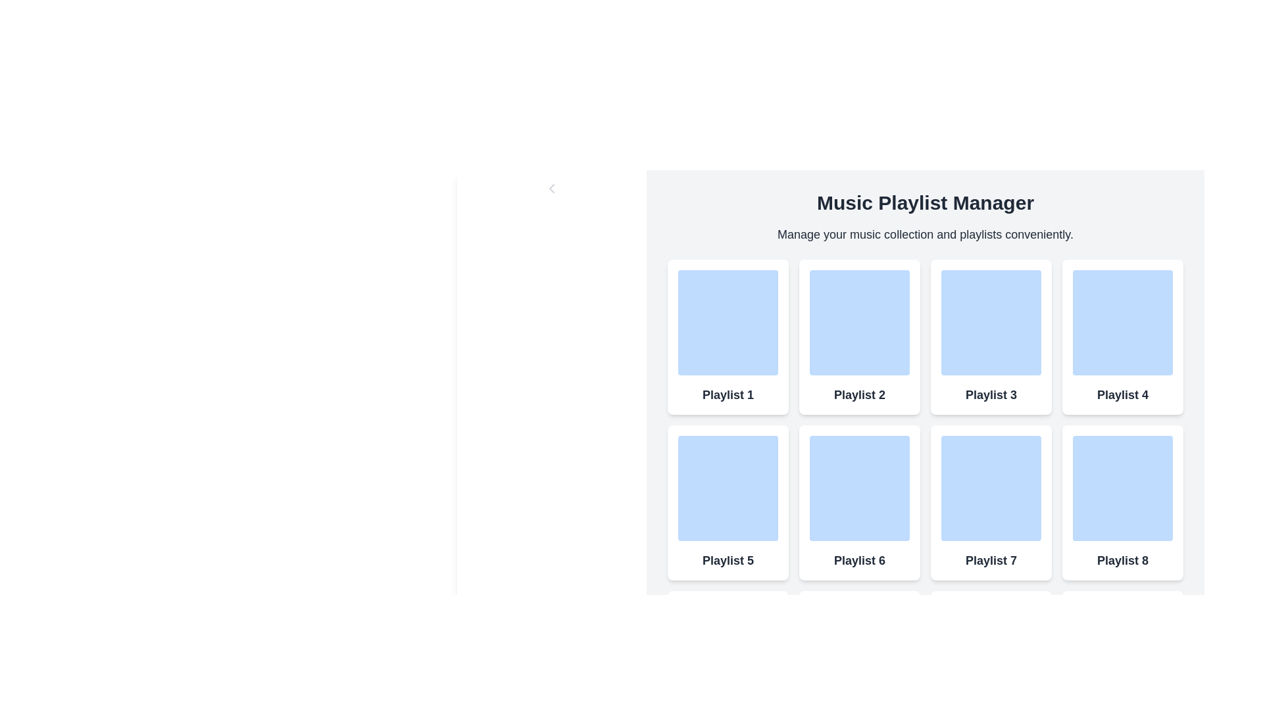 The height and width of the screenshot is (710, 1263). Describe the element at coordinates (859, 394) in the screenshot. I see `text of the second playlist title label located in the top row, second column of the playlist grid` at that location.